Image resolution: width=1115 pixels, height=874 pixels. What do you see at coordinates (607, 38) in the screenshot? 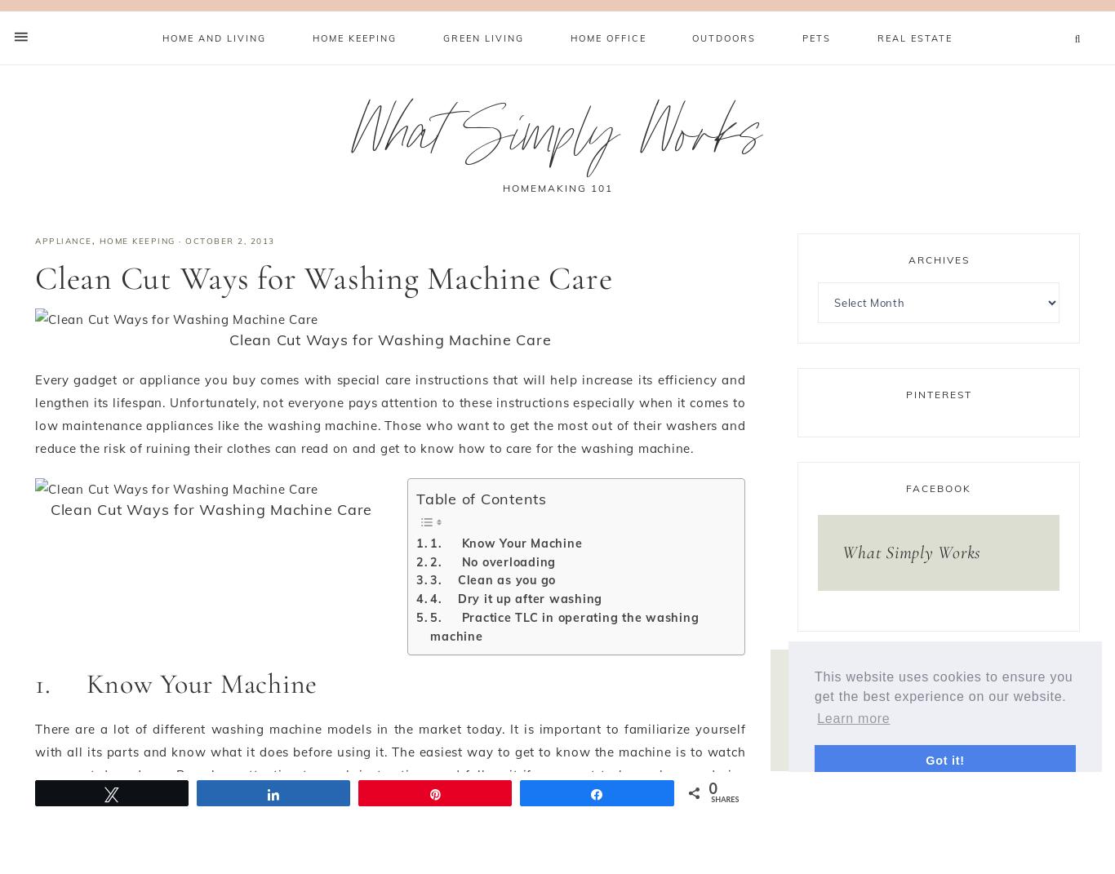
I see `'Home Office'` at bounding box center [607, 38].